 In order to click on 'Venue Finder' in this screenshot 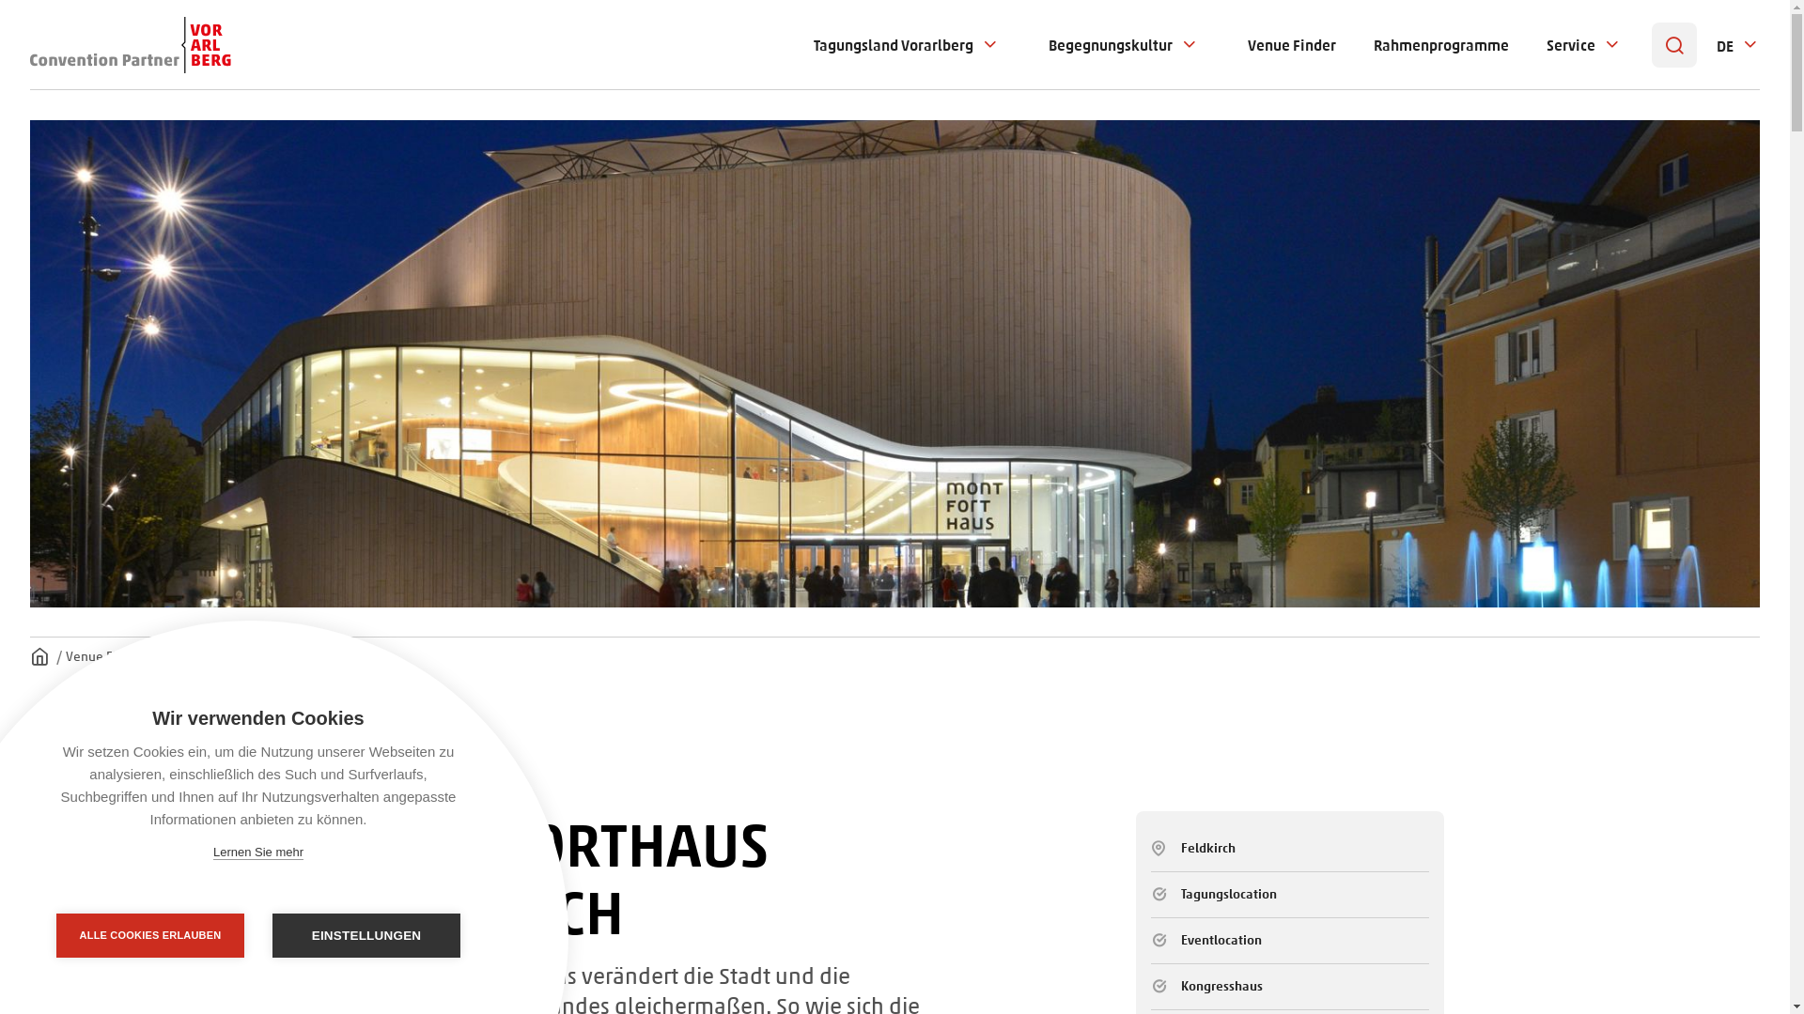, I will do `click(103, 654)`.